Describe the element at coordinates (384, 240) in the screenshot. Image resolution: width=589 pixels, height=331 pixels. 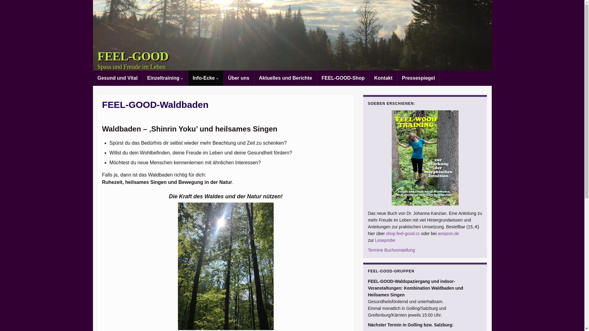
I see `'Leseprobe'` at that location.